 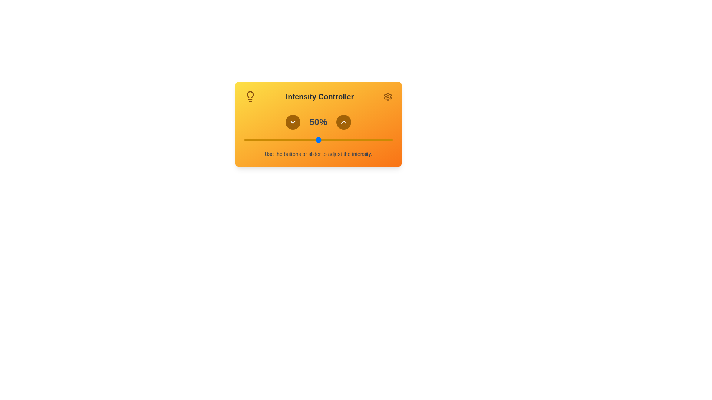 What do you see at coordinates (318, 128) in the screenshot?
I see `text '50%' displayed in a bold and large font size, centrally positioned between two circular buttons with downward and upward arrows in the 'Intensity Controller' component` at bounding box center [318, 128].